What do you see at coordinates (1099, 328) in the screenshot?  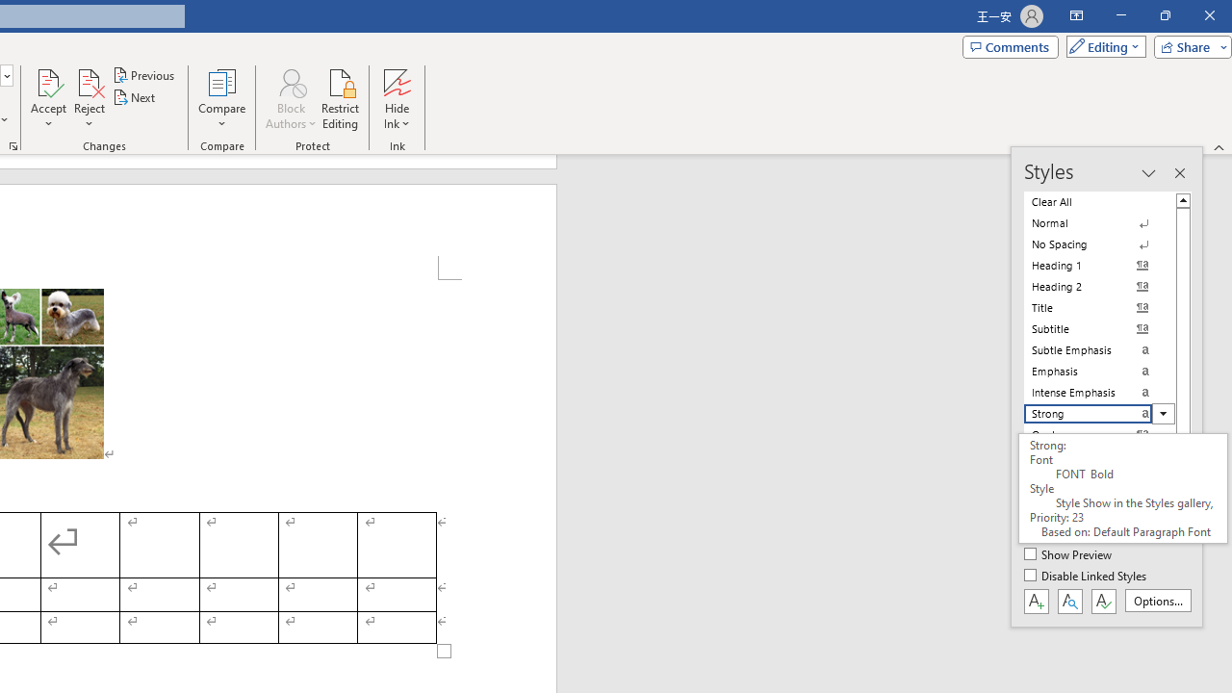 I see `'Subtitle'` at bounding box center [1099, 328].